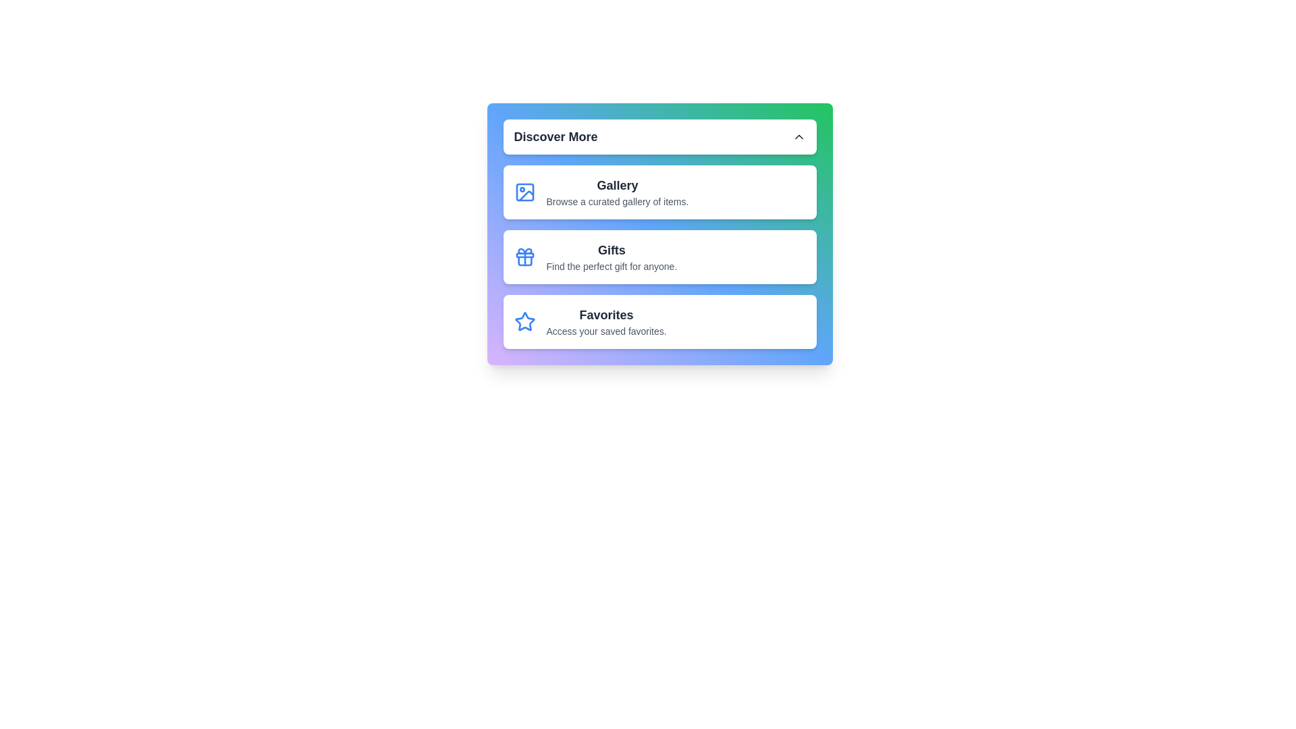 Image resolution: width=1296 pixels, height=729 pixels. I want to click on the Favorites icon to focus on it, so click(524, 322).